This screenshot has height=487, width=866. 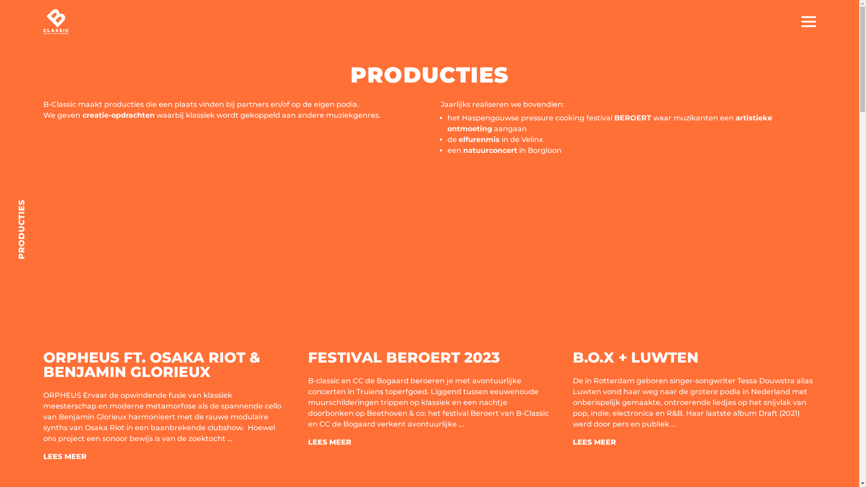 What do you see at coordinates (329, 441) in the screenshot?
I see `'LEES MEER'` at bounding box center [329, 441].